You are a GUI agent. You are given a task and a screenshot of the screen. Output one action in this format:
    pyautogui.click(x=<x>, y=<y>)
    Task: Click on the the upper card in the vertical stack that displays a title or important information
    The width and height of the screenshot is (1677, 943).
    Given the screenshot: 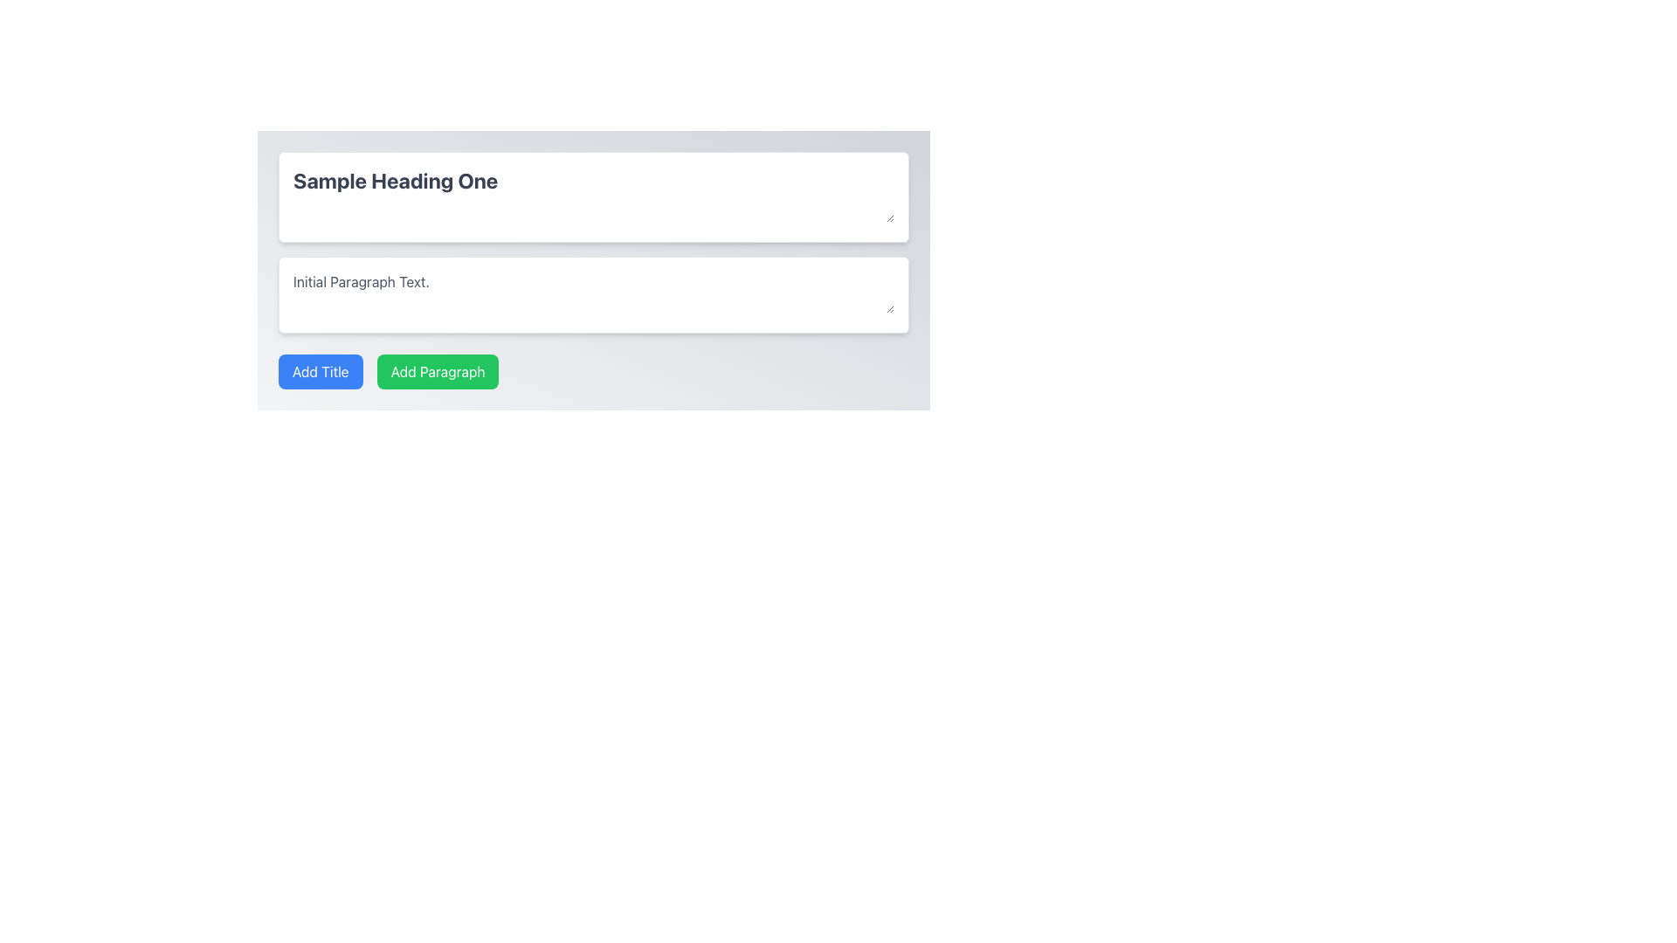 What is the action you would take?
    pyautogui.click(x=594, y=196)
    